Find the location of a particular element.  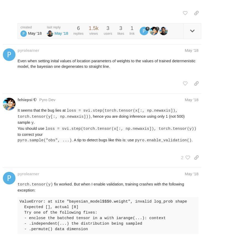

'ValueError: at site "bayesian_model$$$0.weight", invalid log_prob shape
  Expected [], actual [8]
  Try one of the following fixes:
  - enclose the batched tensor in a with iarange(...): context
  - .independent(...) the distribution being sampled
  - .permute() data dimension' is located at coordinates (103, 215).